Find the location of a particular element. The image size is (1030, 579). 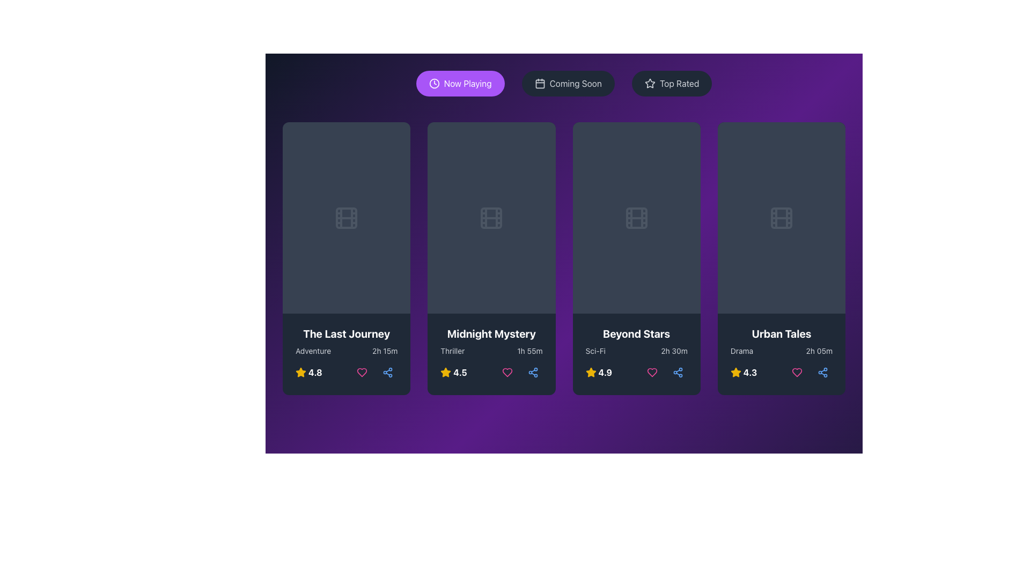

the yellow star icon used in the rating system for visual effects is located at coordinates (300, 372).